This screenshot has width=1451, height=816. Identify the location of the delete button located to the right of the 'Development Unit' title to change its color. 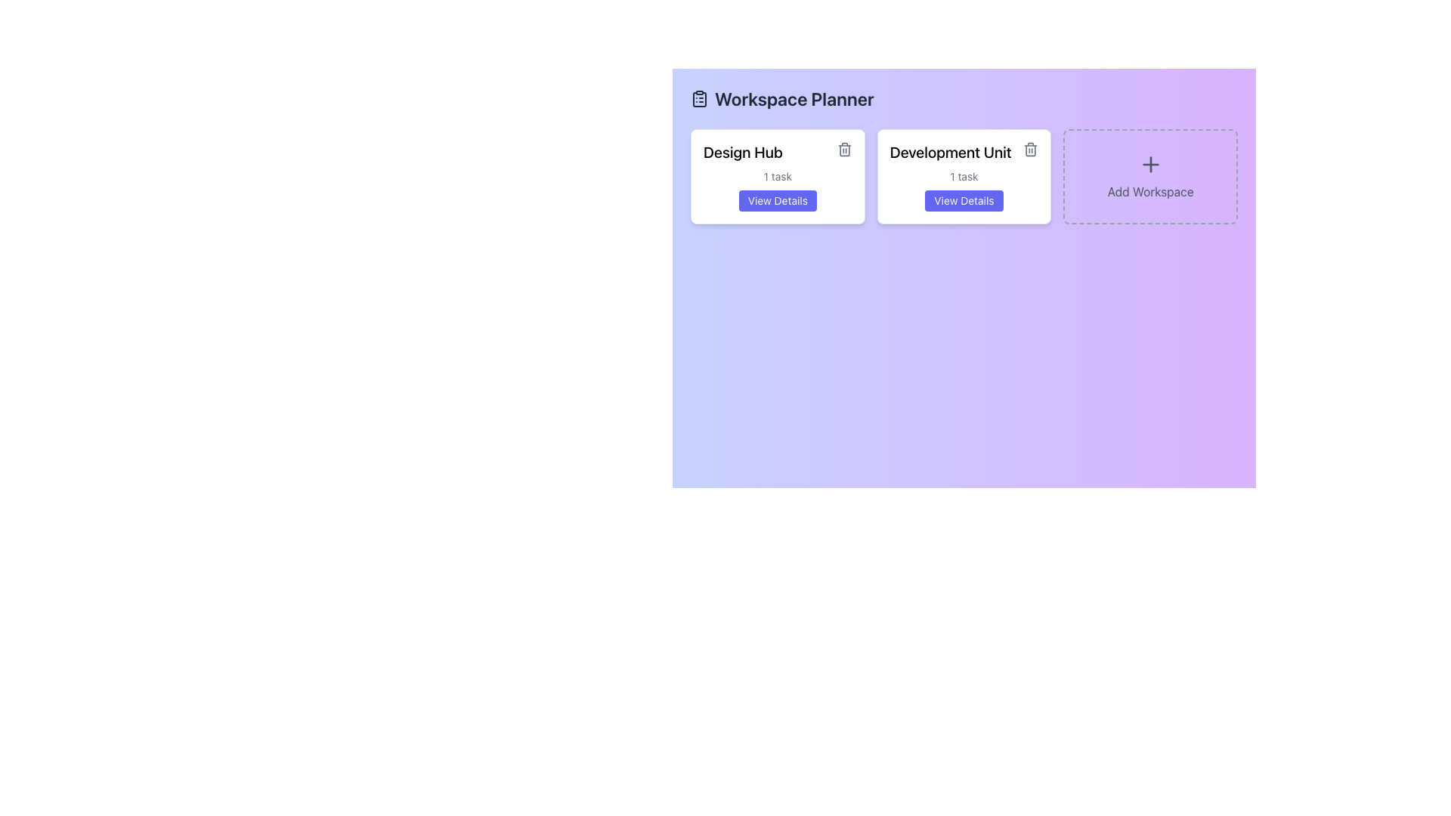
(1030, 149).